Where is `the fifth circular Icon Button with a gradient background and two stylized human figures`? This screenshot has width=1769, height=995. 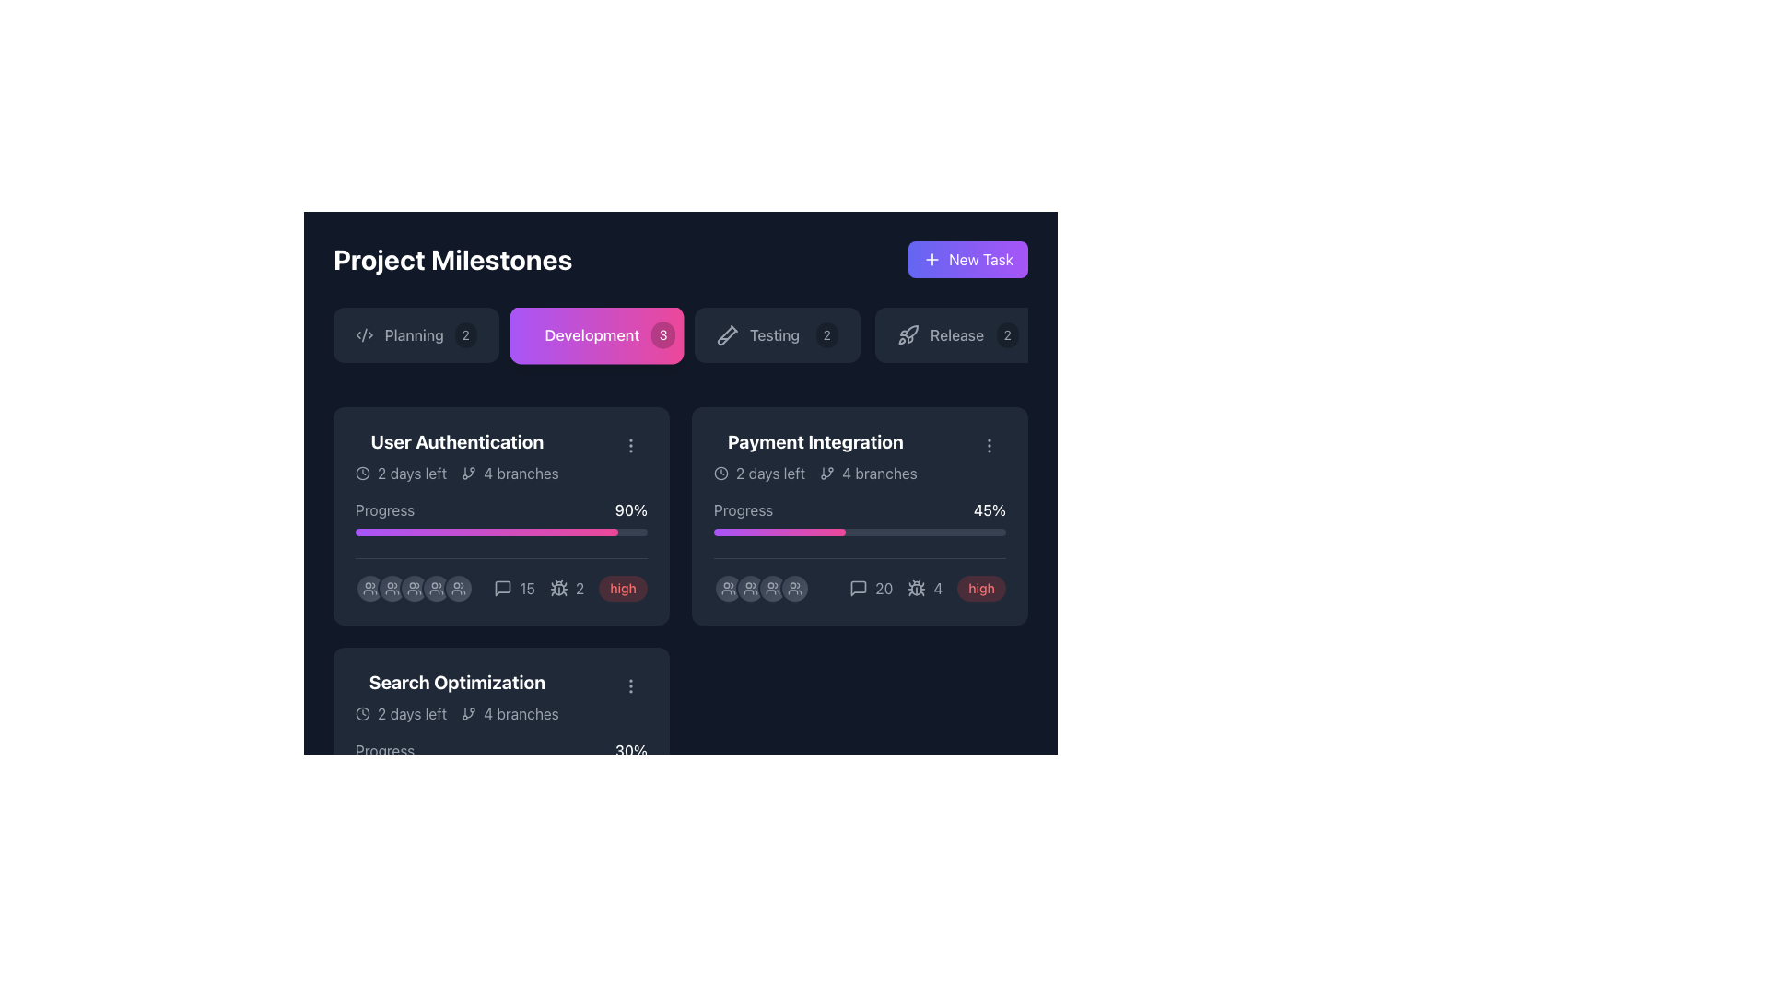
the fifth circular Icon Button with a gradient background and two stylized human figures is located at coordinates (795, 589).